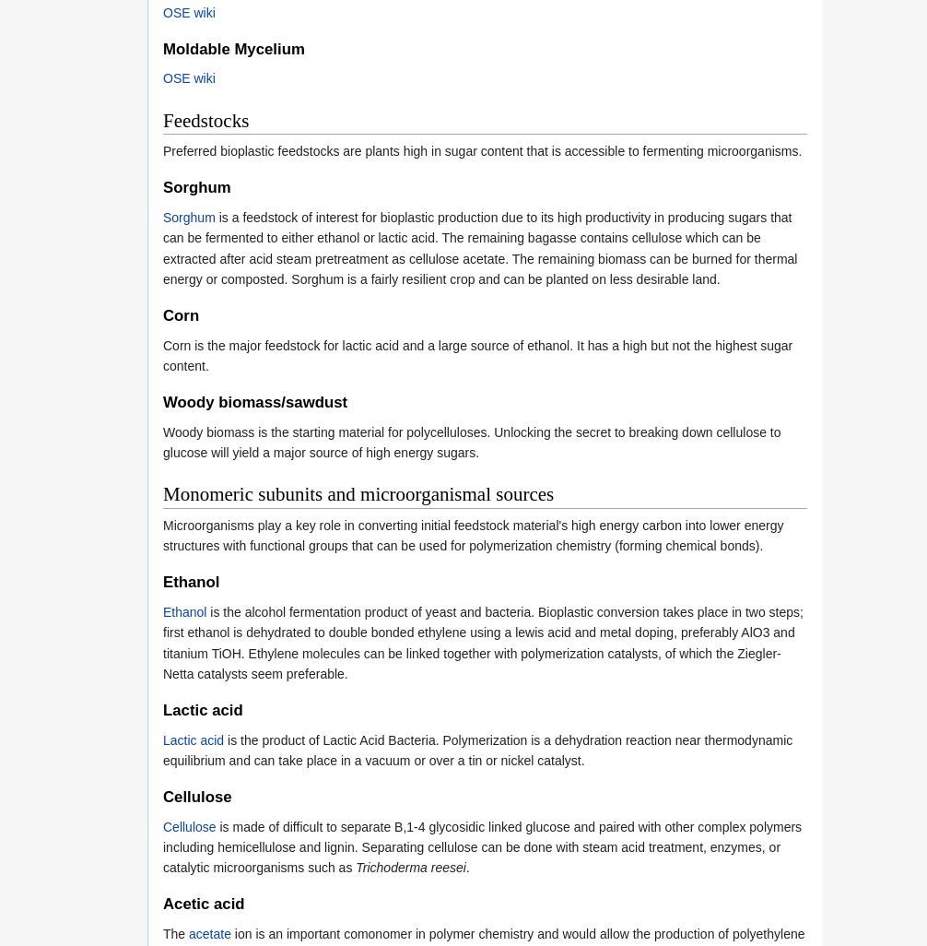 The height and width of the screenshot is (946, 927). Describe the element at coordinates (471, 441) in the screenshot. I see `'Woody biomass is the starting material for polycelluloses. Unlocking the secret to breaking down cellulose to glucose will yield a major source of high energy sugars.'` at that location.